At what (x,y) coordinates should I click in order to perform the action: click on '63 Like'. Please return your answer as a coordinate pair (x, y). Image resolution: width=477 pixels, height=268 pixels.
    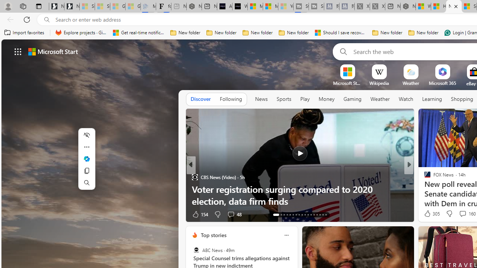
    Looking at the image, I should click on (428, 214).